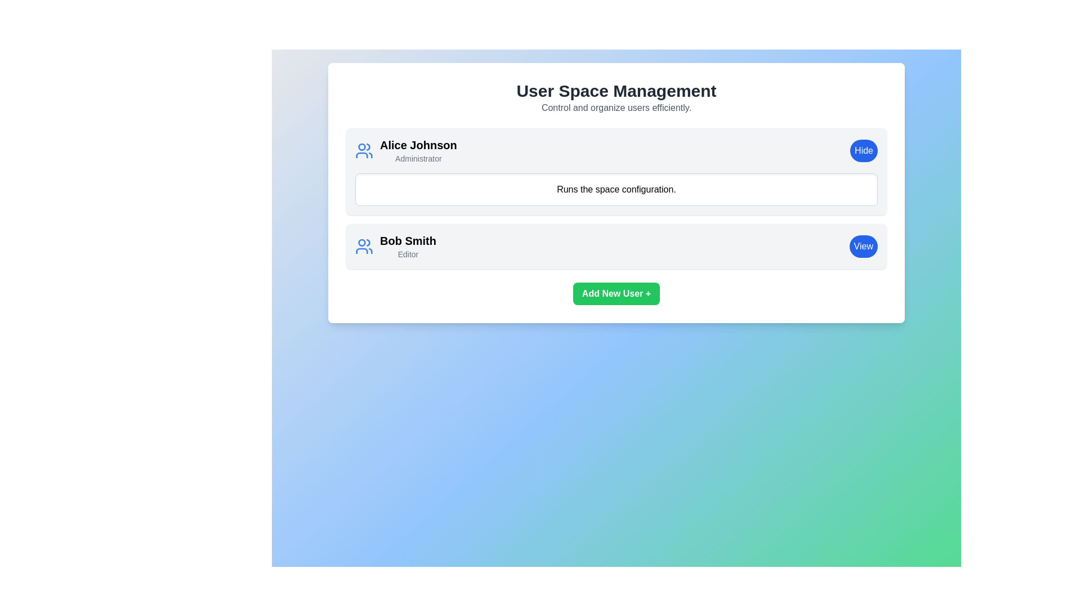 This screenshot has height=608, width=1081. I want to click on the 'Add User' button located below the user list to change its color, so click(615, 293).